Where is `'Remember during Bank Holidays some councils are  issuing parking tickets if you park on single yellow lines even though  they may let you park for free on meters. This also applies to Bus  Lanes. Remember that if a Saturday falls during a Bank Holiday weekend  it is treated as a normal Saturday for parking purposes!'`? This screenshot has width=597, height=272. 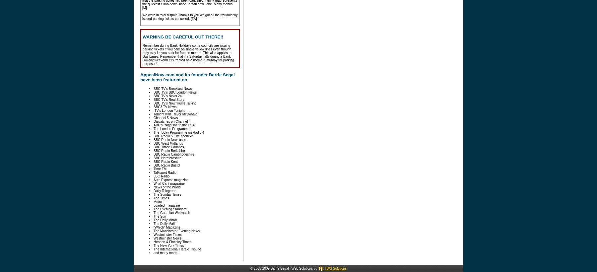 'Remember during Bank Holidays some councils are  issuing parking tickets if you park on single yellow lines even though  they may let you park for free on meters. This also applies to Bus  Lanes. Remember that if a Saturday falls during a Bank Holiday weekend  it is treated as a normal Saturday for parking purposes!' is located at coordinates (188, 54).